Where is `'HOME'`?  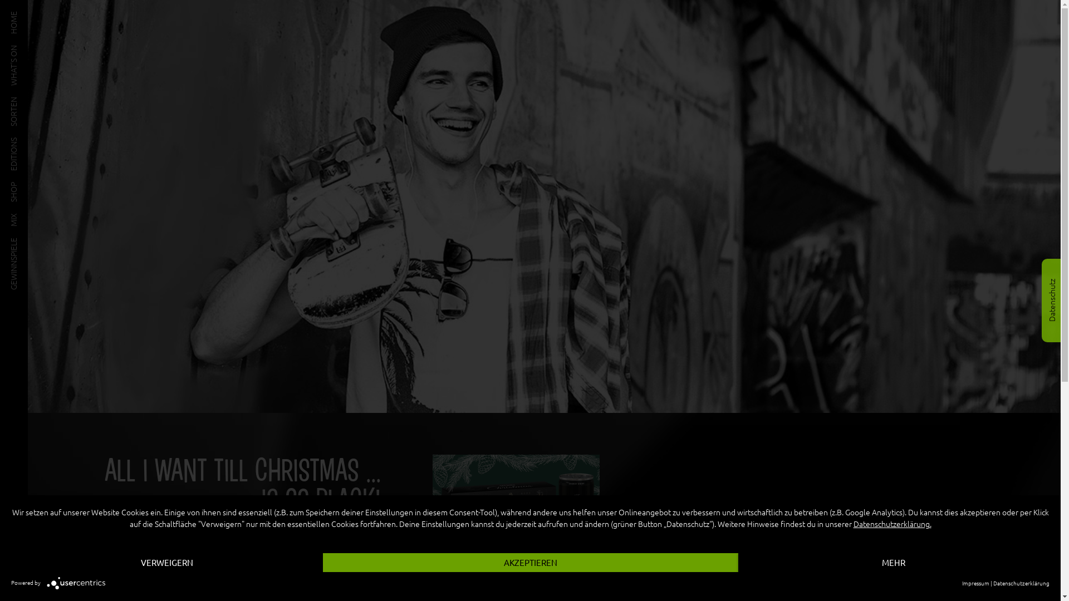 'HOME' is located at coordinates (21, 15).